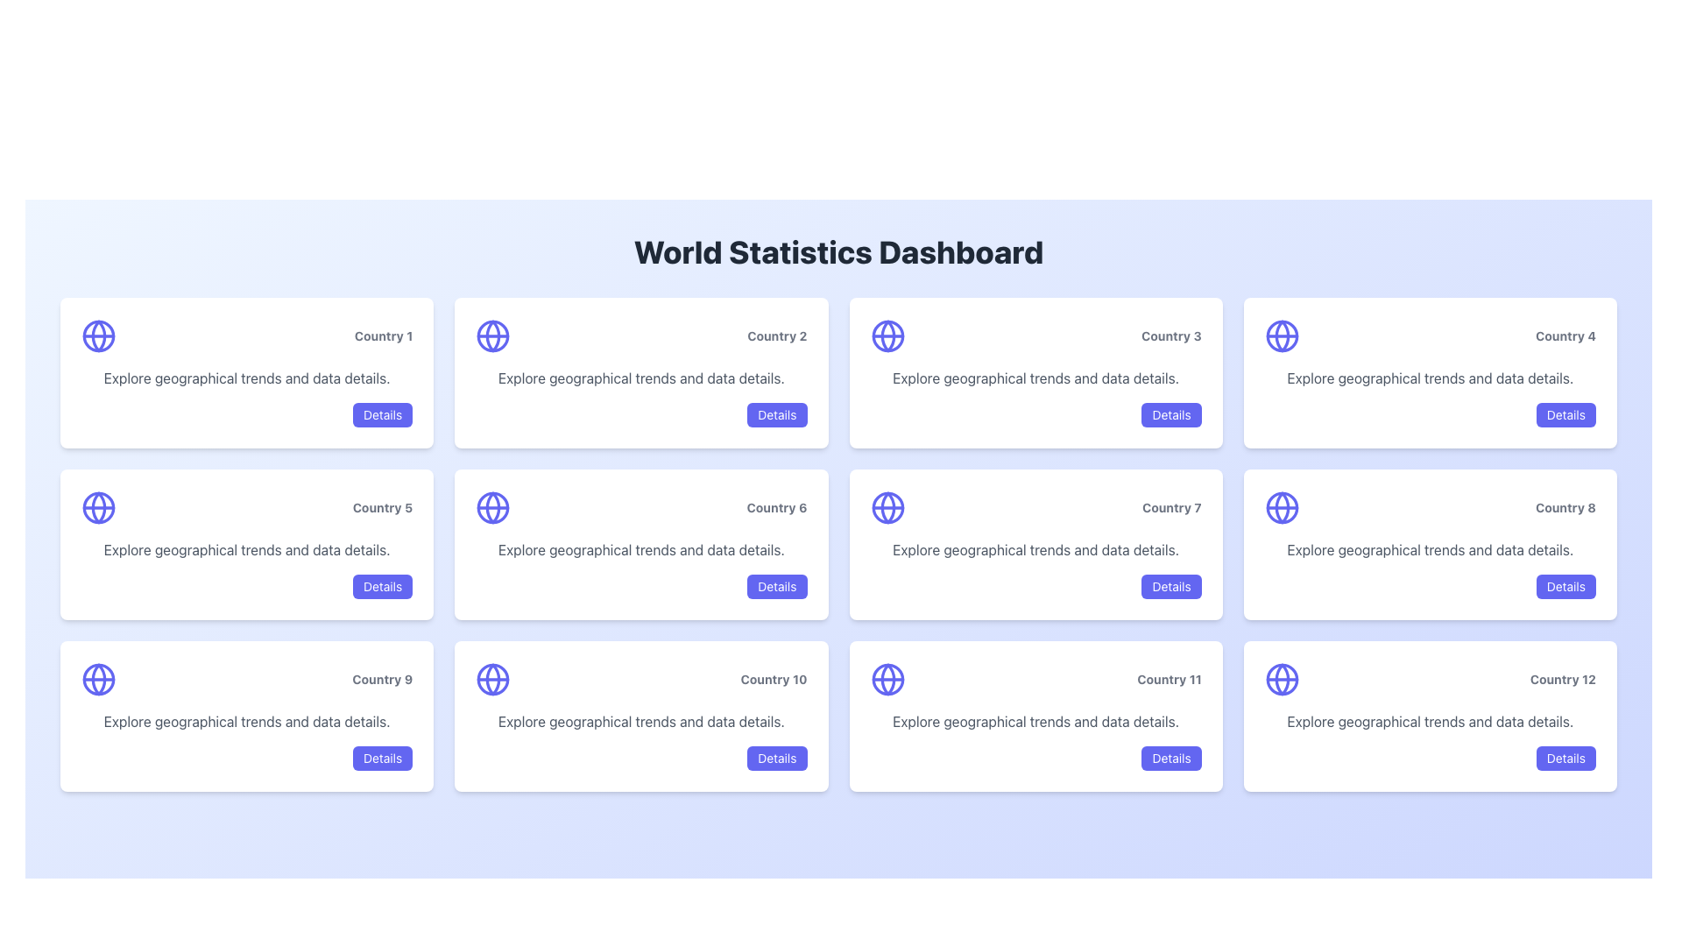 The image size is (1682, 946). What do you see at coordinates (640, 549) in the screenshot?
I see `the static text element located in the second row, second column of the grid layout, which provides information related to the card below the header text 'Country 6' and above the 'Details' button` at bounding box center [640, 549].